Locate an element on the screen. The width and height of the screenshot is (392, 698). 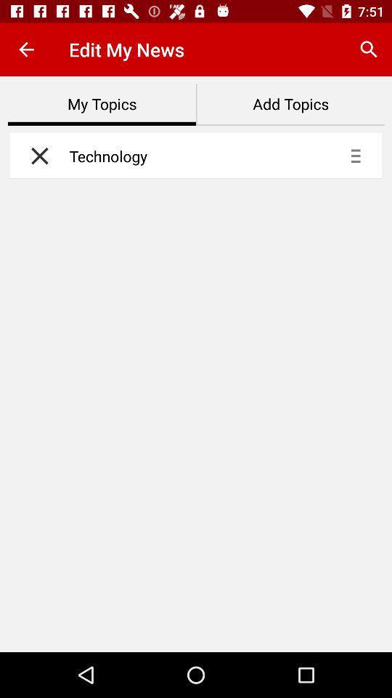
the icon to the right of edit my news icon is located at coordinates (369, 49).